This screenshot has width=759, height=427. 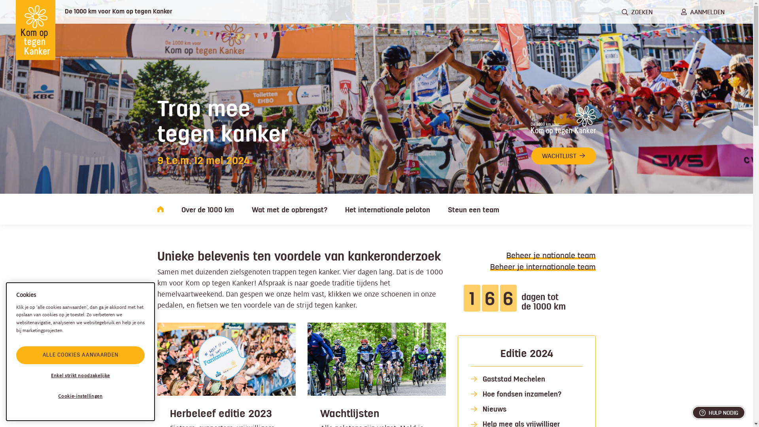 What do you see at coordinates (521, 394) in the screenshot?
I see `'Hoe fondsen inzamelen?'` at bounding box center [521, 394].